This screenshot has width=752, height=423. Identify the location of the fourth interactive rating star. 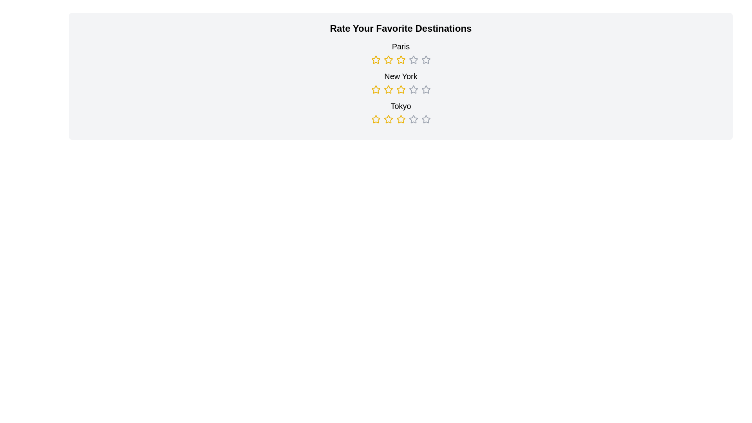
(413, 119).